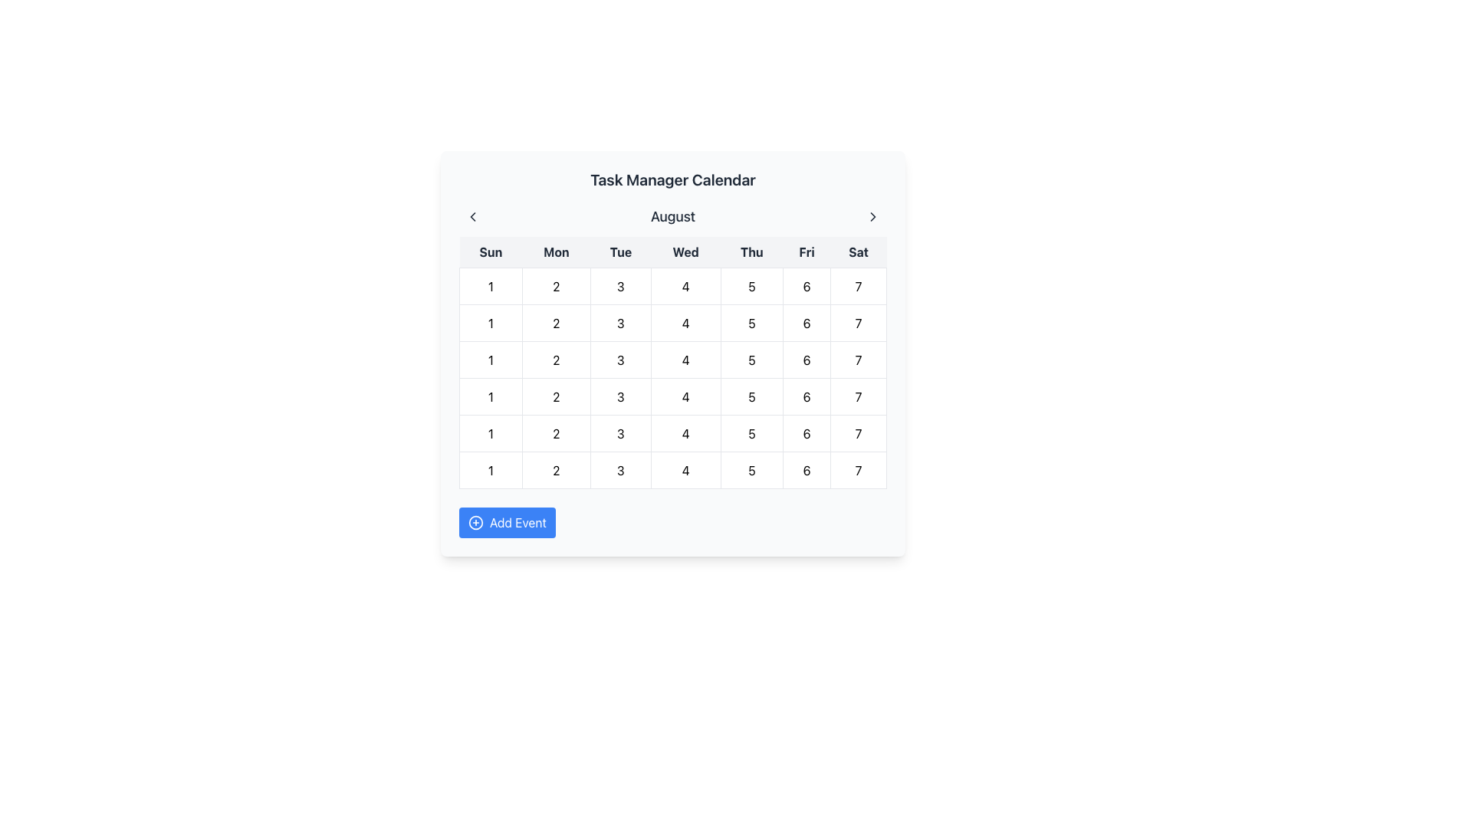  I want to click on the text label displaying the number '4' in the first row and fourth column of the calendar grid, so click(685, 360).